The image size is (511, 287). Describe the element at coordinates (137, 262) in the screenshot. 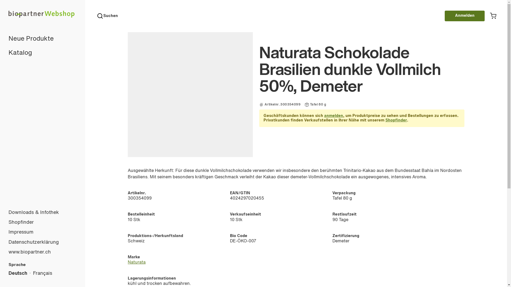

I see `'Naturata'` at that location.